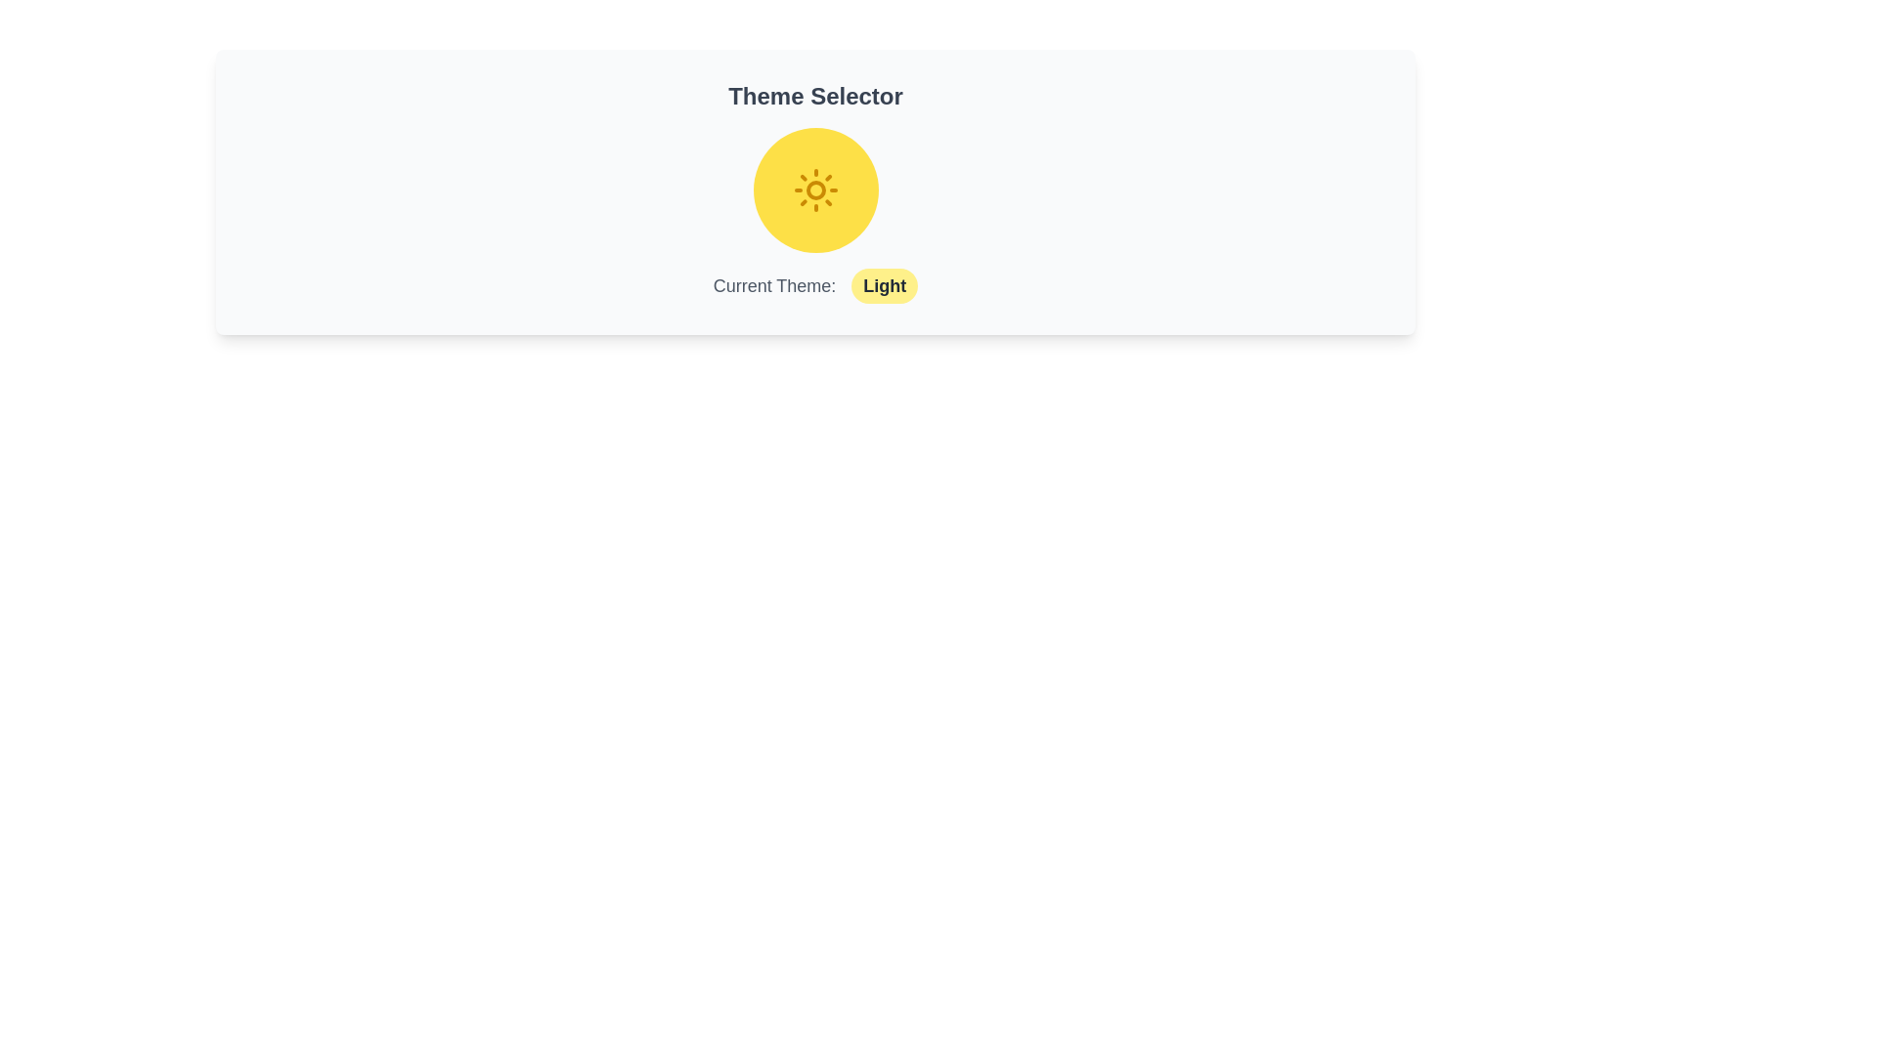 The width and height of the screenshot is (1877, 1055). Describe the element at coordinates (815, 190) in the screenshot. I see `the decorative SVG circle element that serves as the central focal point of the sun icon, located prominently in the middle of the interface below the 'Theme Selector' text` at that location.